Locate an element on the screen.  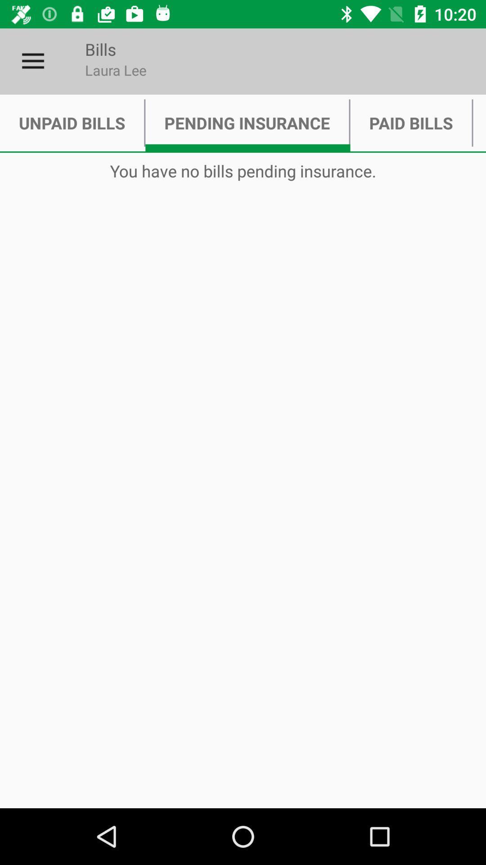
icon to the left of the bills icon is located at coordinates (32, 61).